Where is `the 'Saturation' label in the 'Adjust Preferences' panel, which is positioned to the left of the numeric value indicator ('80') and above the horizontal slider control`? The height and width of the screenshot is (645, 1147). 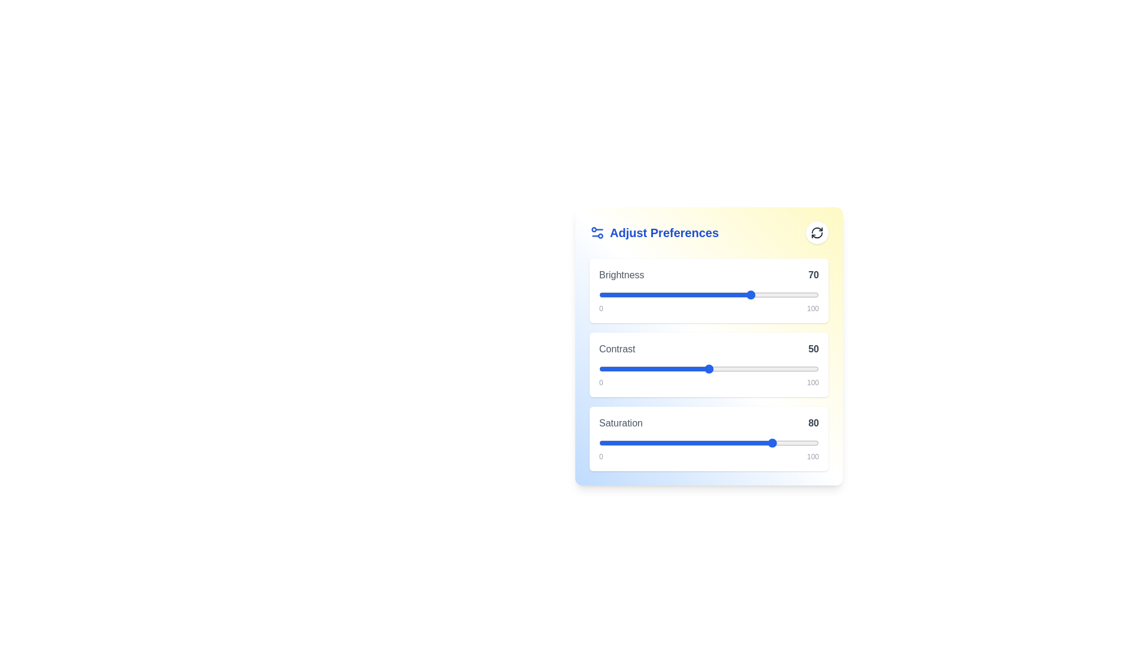 the 'Saturation' label in the 'Adjust Preferences' panel, which is positioned to the left of the numeric value indicator ('80') and above the horizontal slider control is located at coordinates (621, 423).